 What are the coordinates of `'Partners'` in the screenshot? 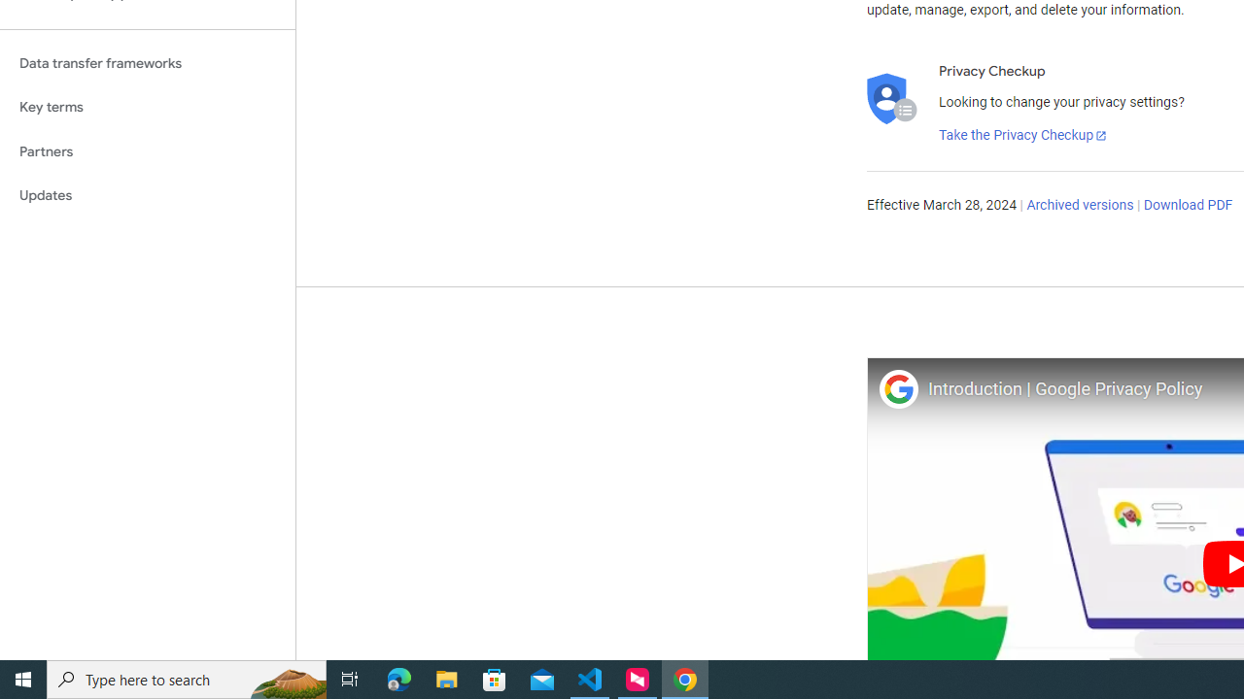 It's located at (147, 150).